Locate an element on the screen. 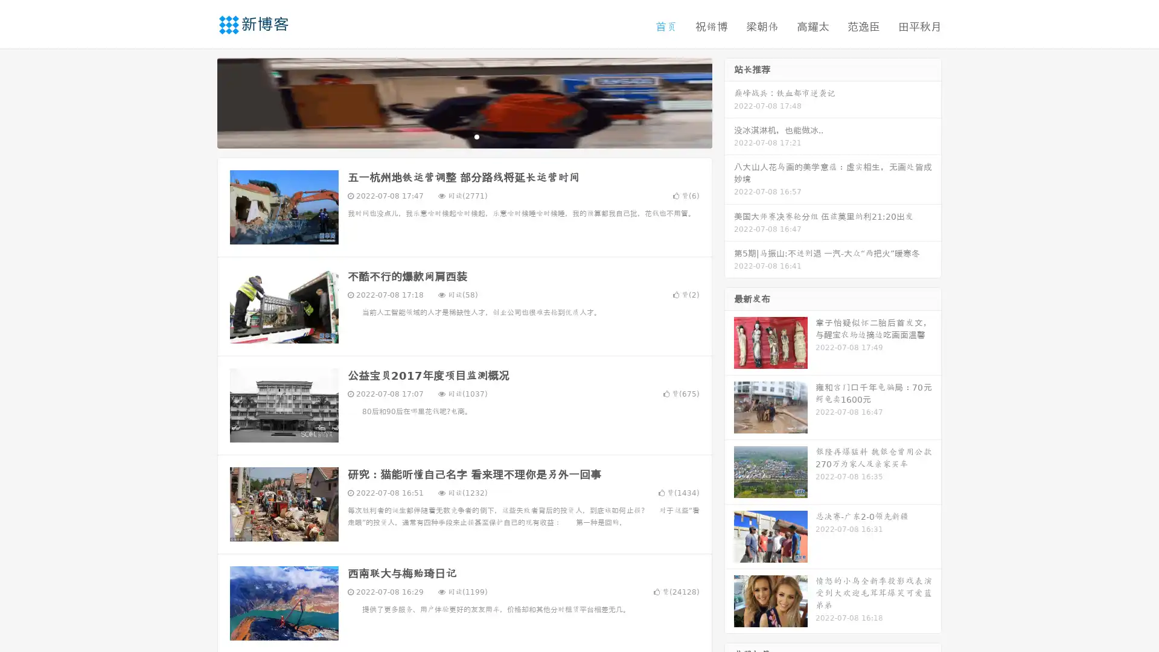 The image size is (1159, 652). Go to slide 3 is located at coordinates (476, 136).